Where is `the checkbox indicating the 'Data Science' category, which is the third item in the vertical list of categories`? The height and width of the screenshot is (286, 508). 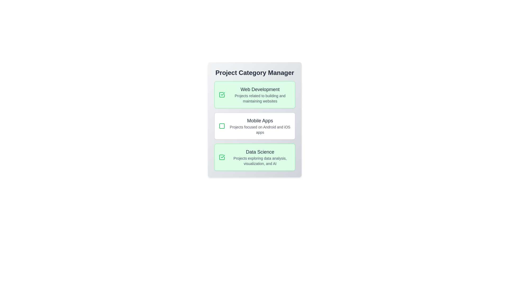 the checkbox indicating the 'Data Science' category, which is the third item in the vertical list of categories is located at coordinates (222, 157).